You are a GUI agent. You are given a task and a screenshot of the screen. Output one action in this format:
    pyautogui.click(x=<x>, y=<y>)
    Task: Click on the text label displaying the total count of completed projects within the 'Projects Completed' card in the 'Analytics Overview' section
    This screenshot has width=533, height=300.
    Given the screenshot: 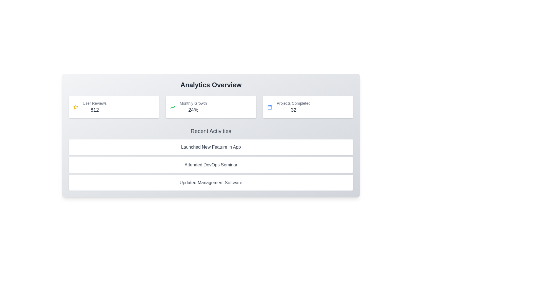 What is the action you would take?
    pyautogui.click(x=293, y=110)
    